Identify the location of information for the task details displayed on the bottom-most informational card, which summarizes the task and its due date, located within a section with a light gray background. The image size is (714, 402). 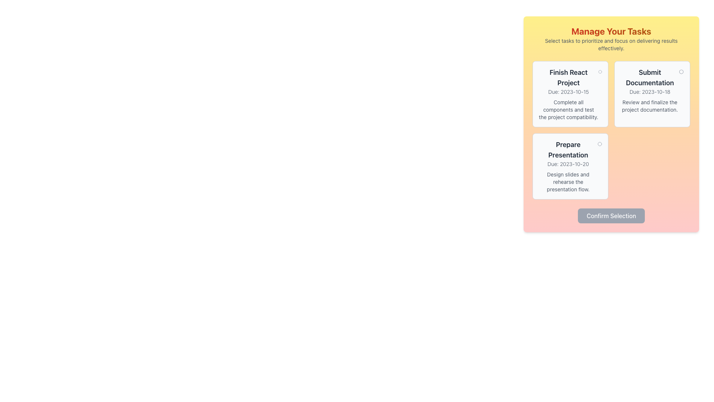
(567, 166).